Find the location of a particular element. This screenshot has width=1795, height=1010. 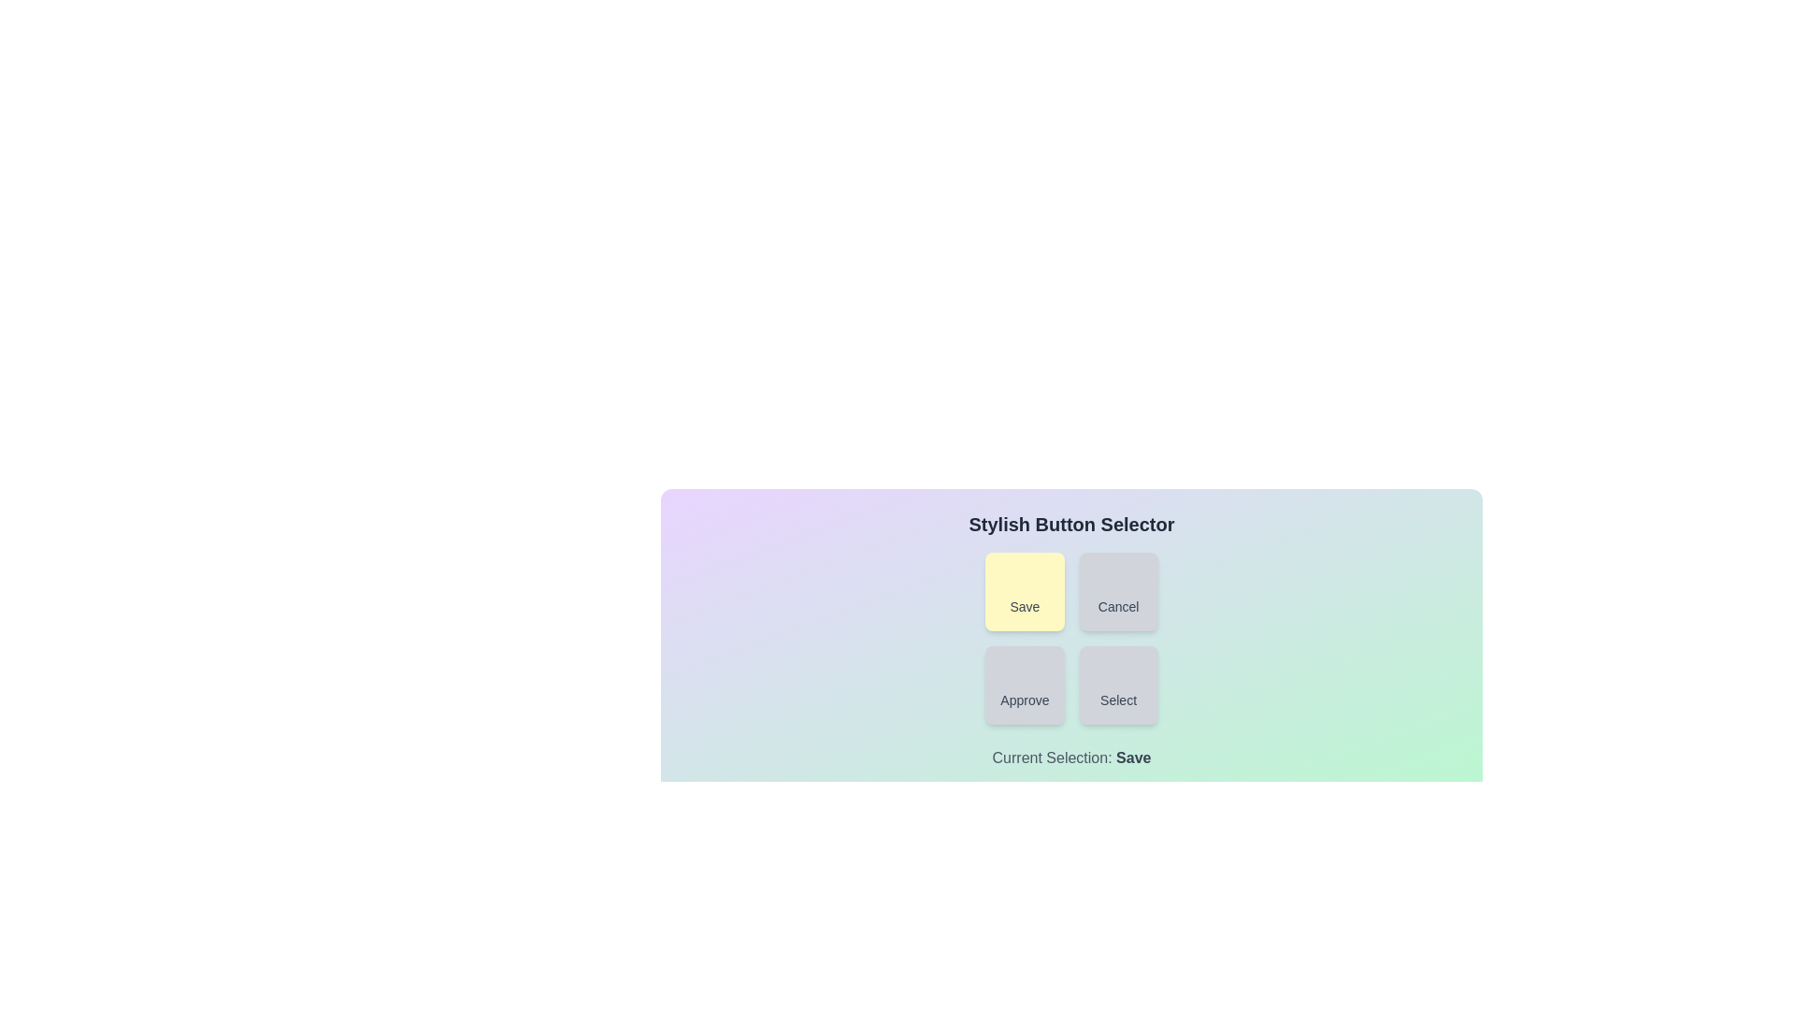

the Save button to change the current selection is located at coordinates (1024, 591).